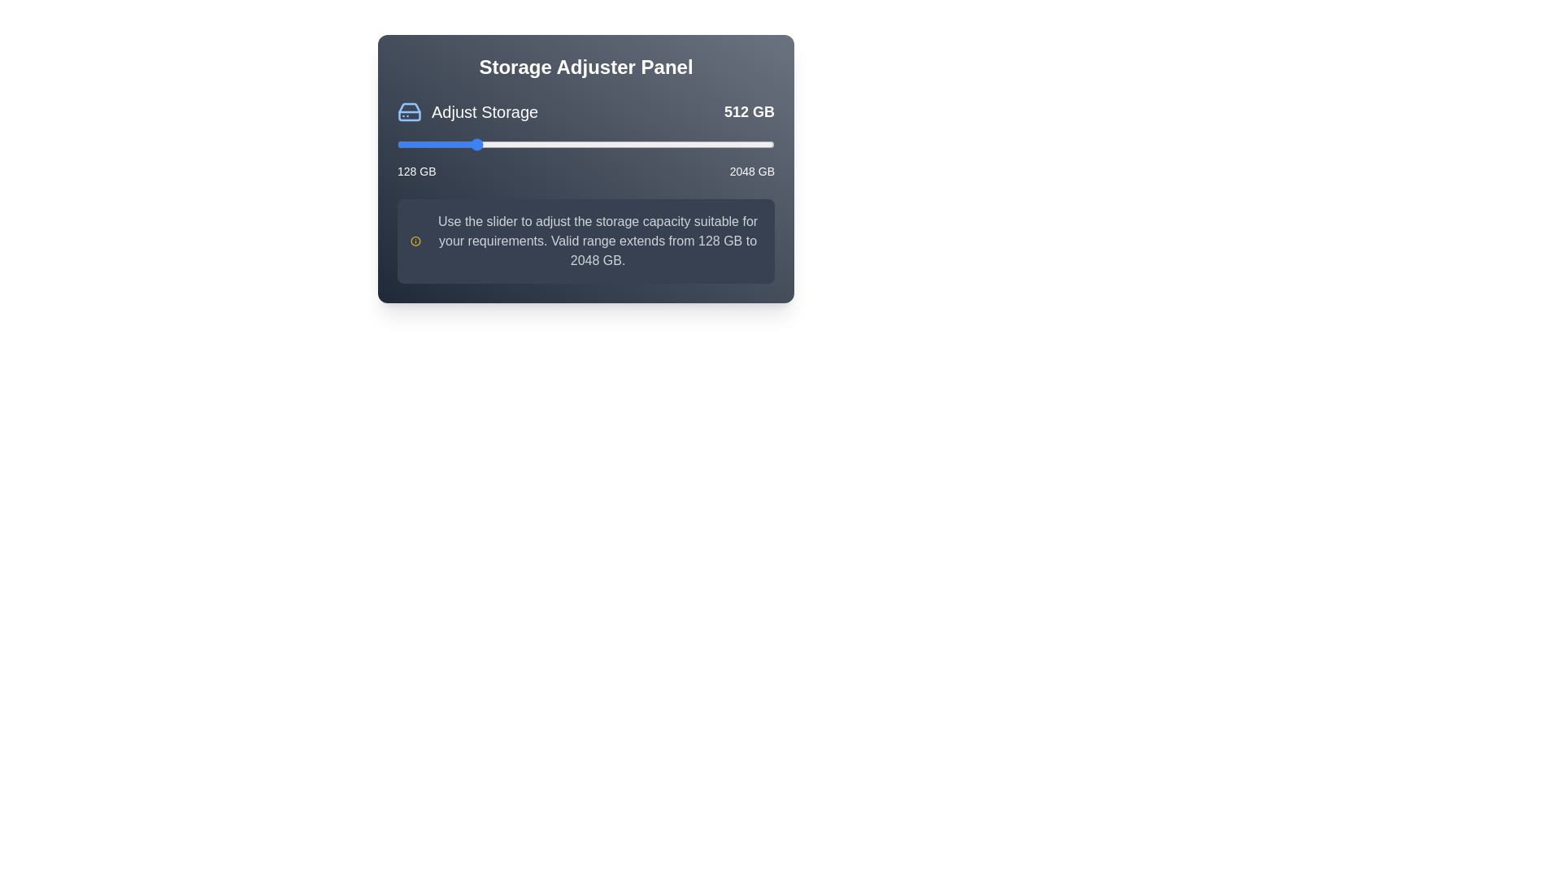 This screenshot has height=878, width=1561. What do you see at coordinates (585, 143) in the screenshot?
I see `the storage capacity slider knob` at bounding box center [585, 143].